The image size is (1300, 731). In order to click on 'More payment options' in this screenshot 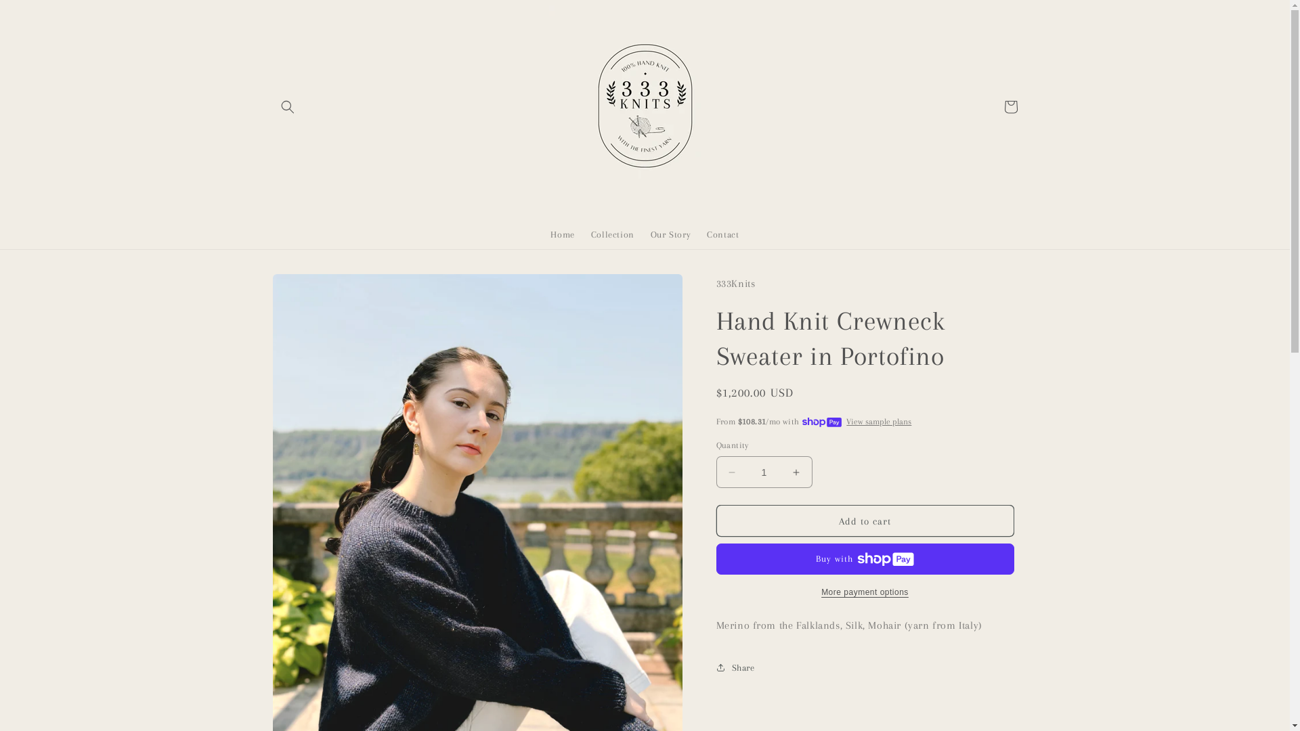, I will do `click(864, 592)`.